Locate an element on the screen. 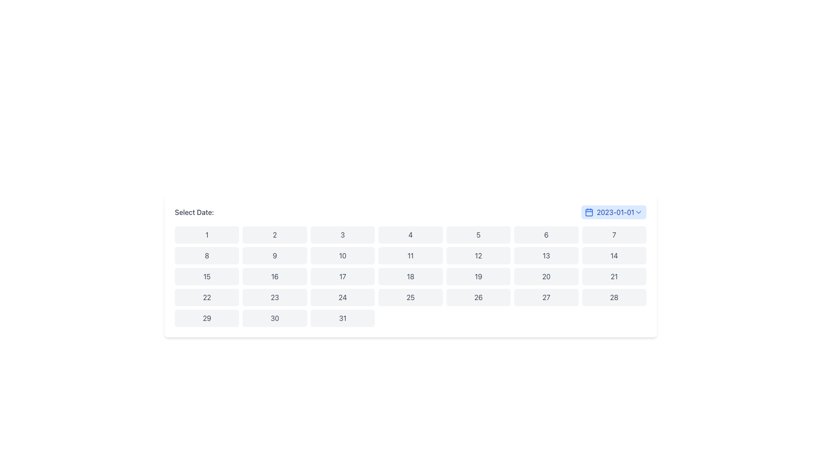  the button representing the date '8' in the calendar interface is located at coordinates (207, 255).